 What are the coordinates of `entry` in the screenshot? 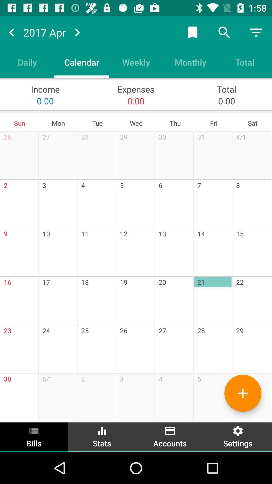 It's located at (243, 393).